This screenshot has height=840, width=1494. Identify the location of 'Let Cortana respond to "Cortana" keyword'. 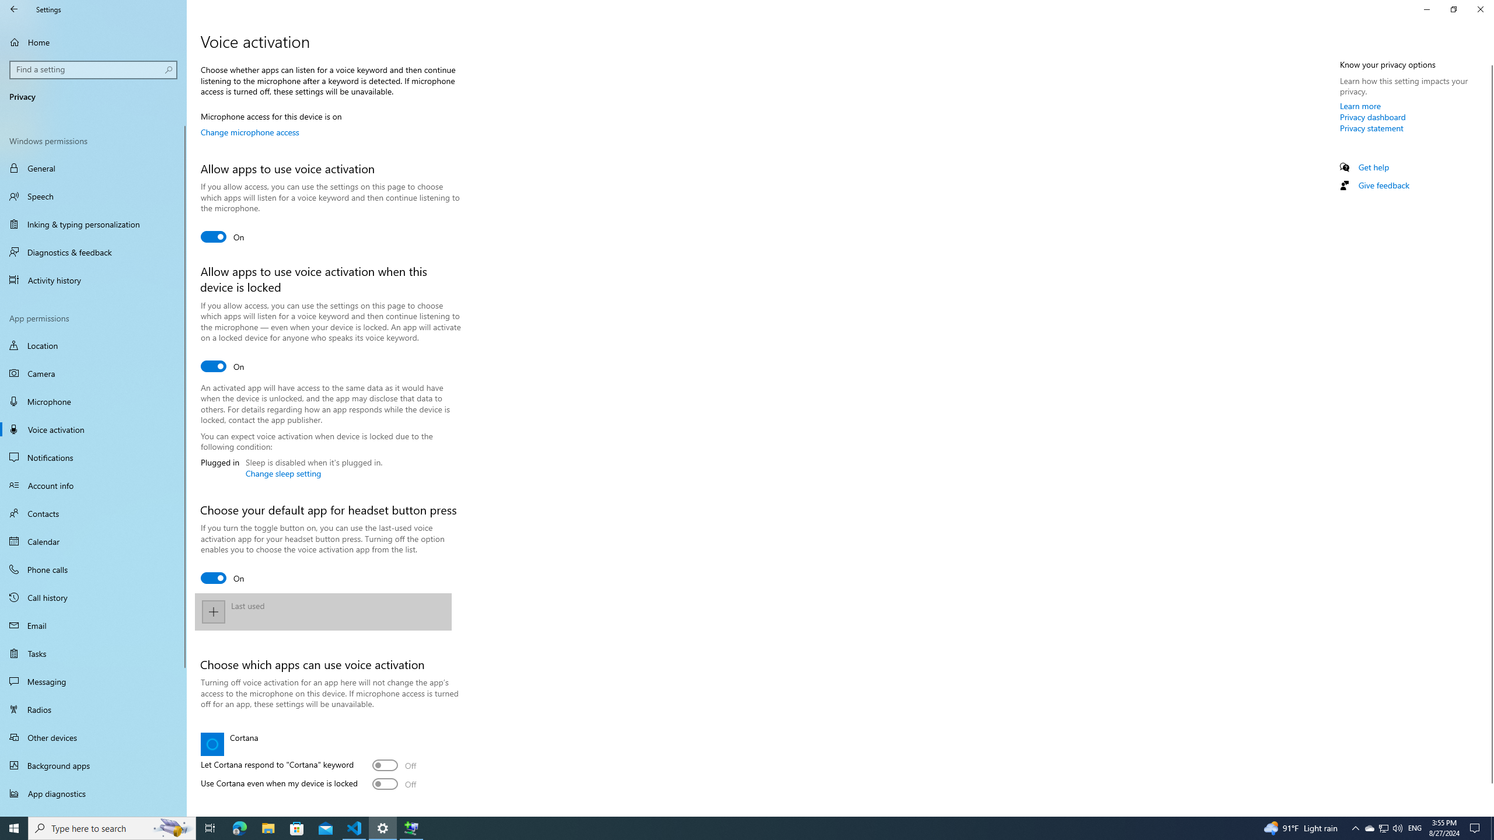
(393, 764).